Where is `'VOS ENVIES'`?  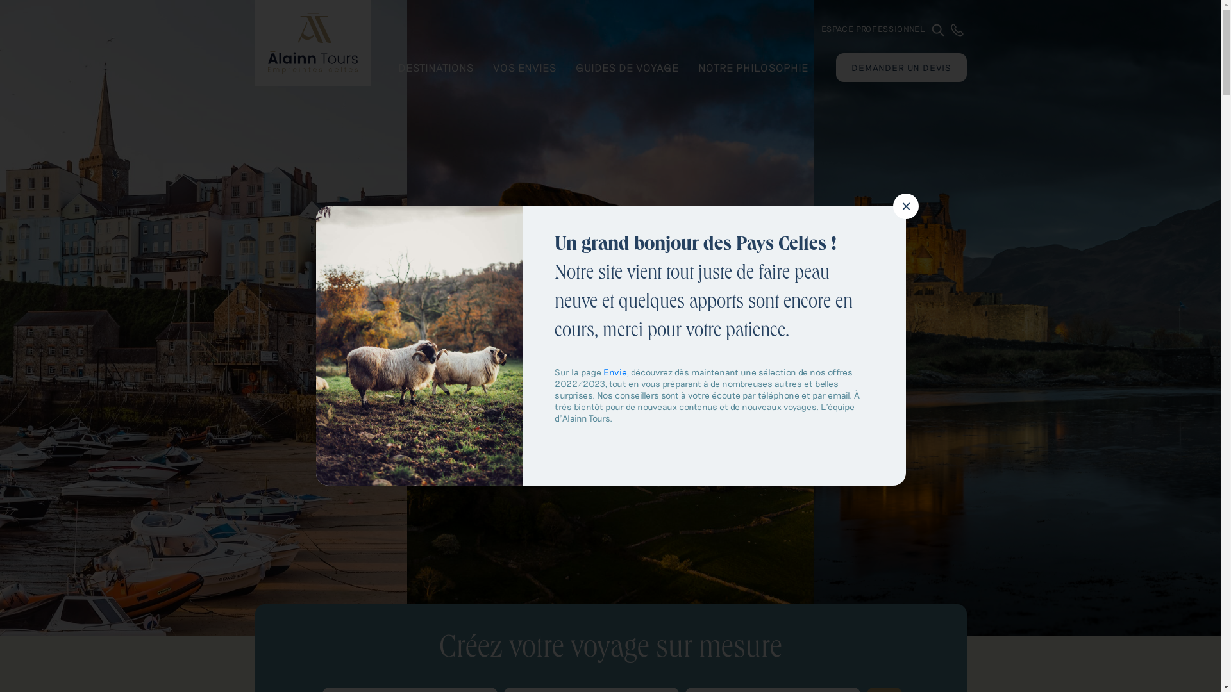 'VOS ENVIES' is located at coordinates (482, 67).